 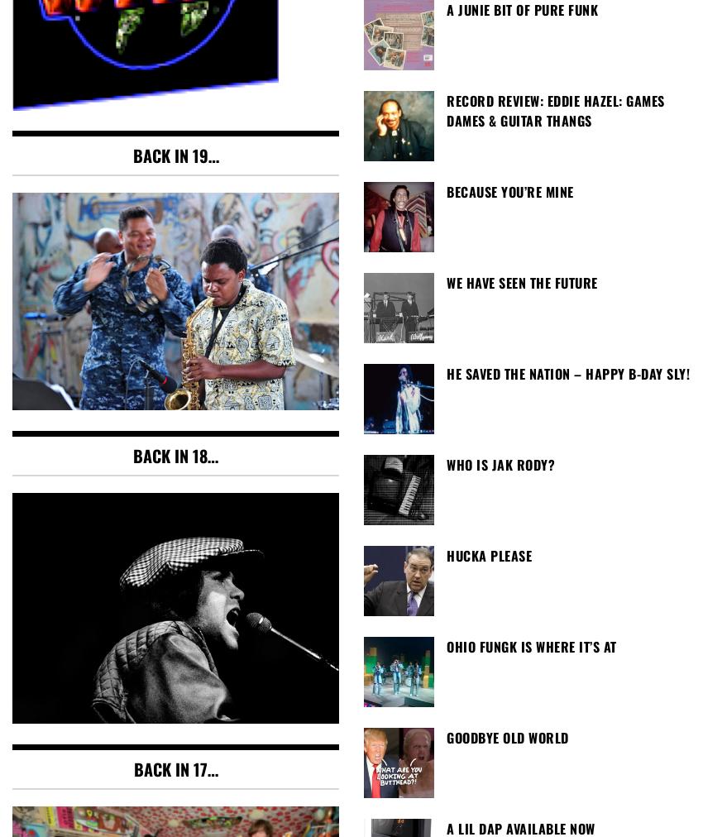 What do you see at coordinates (174, 155) in the screenshot?
I see `'Back in 19…'` at bounding box center [174, 155].